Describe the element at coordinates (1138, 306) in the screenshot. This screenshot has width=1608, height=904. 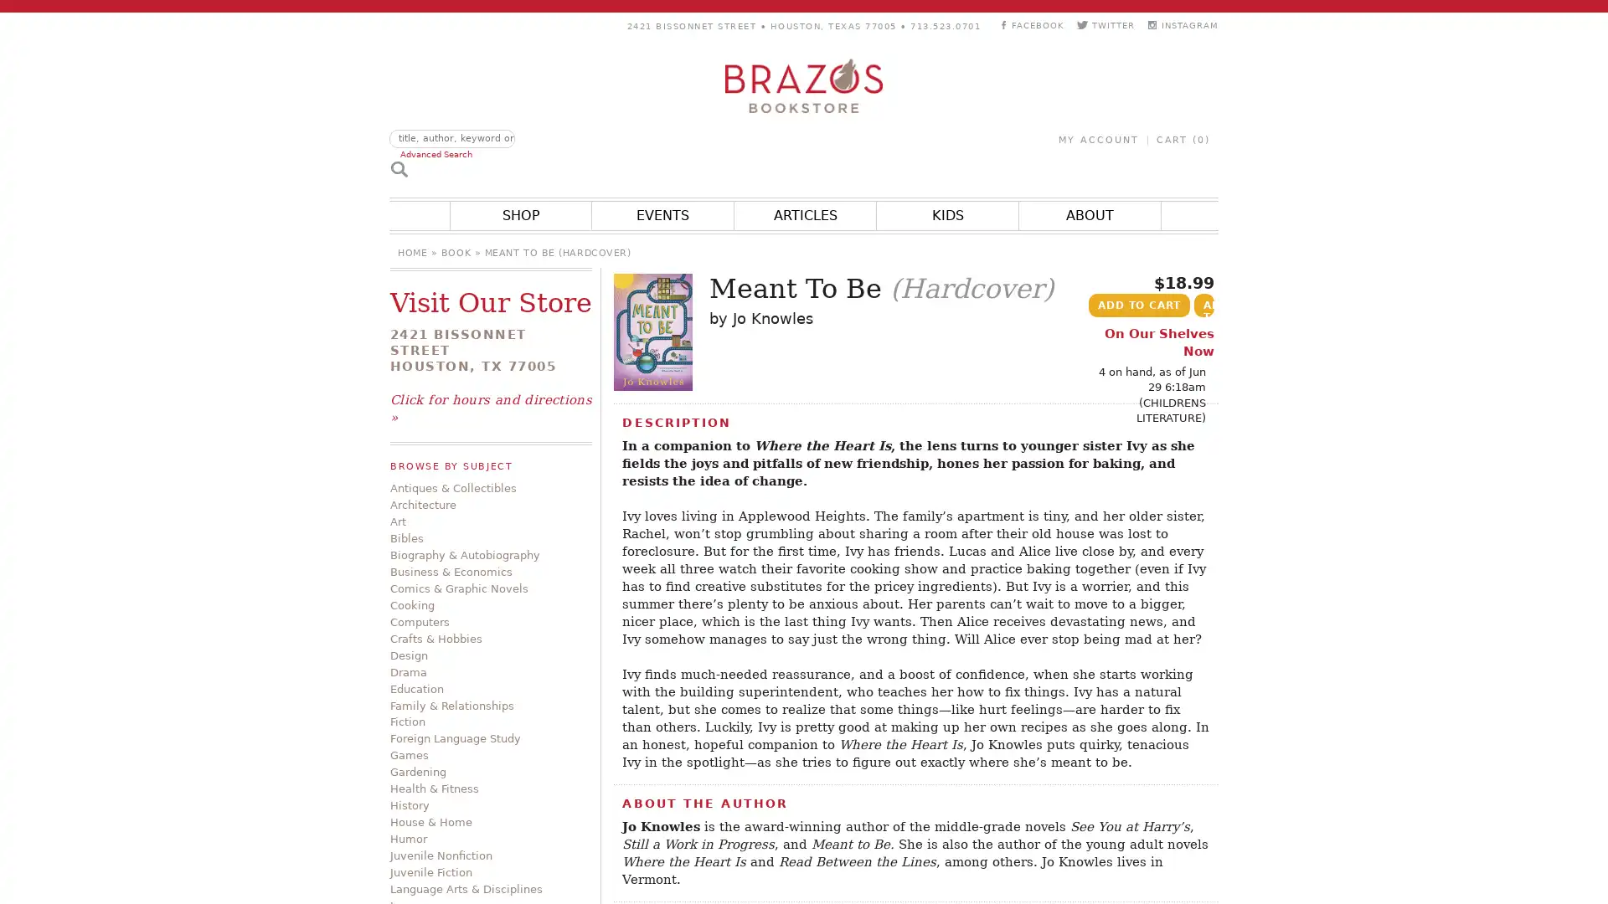
I see `Add to Cart` at that location.